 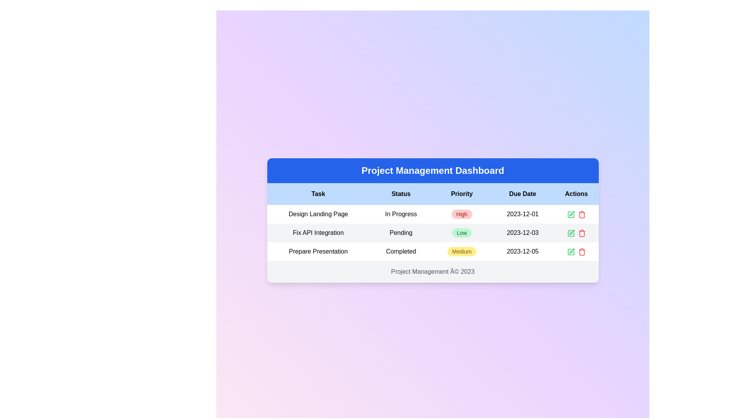 I want to click on the Text label that serves as a column header indicating the priority levels for the respective tasks, positioned between 'Status' and 'Due Date' in the Project Management Dashboard table, so click(x=462, y=193).